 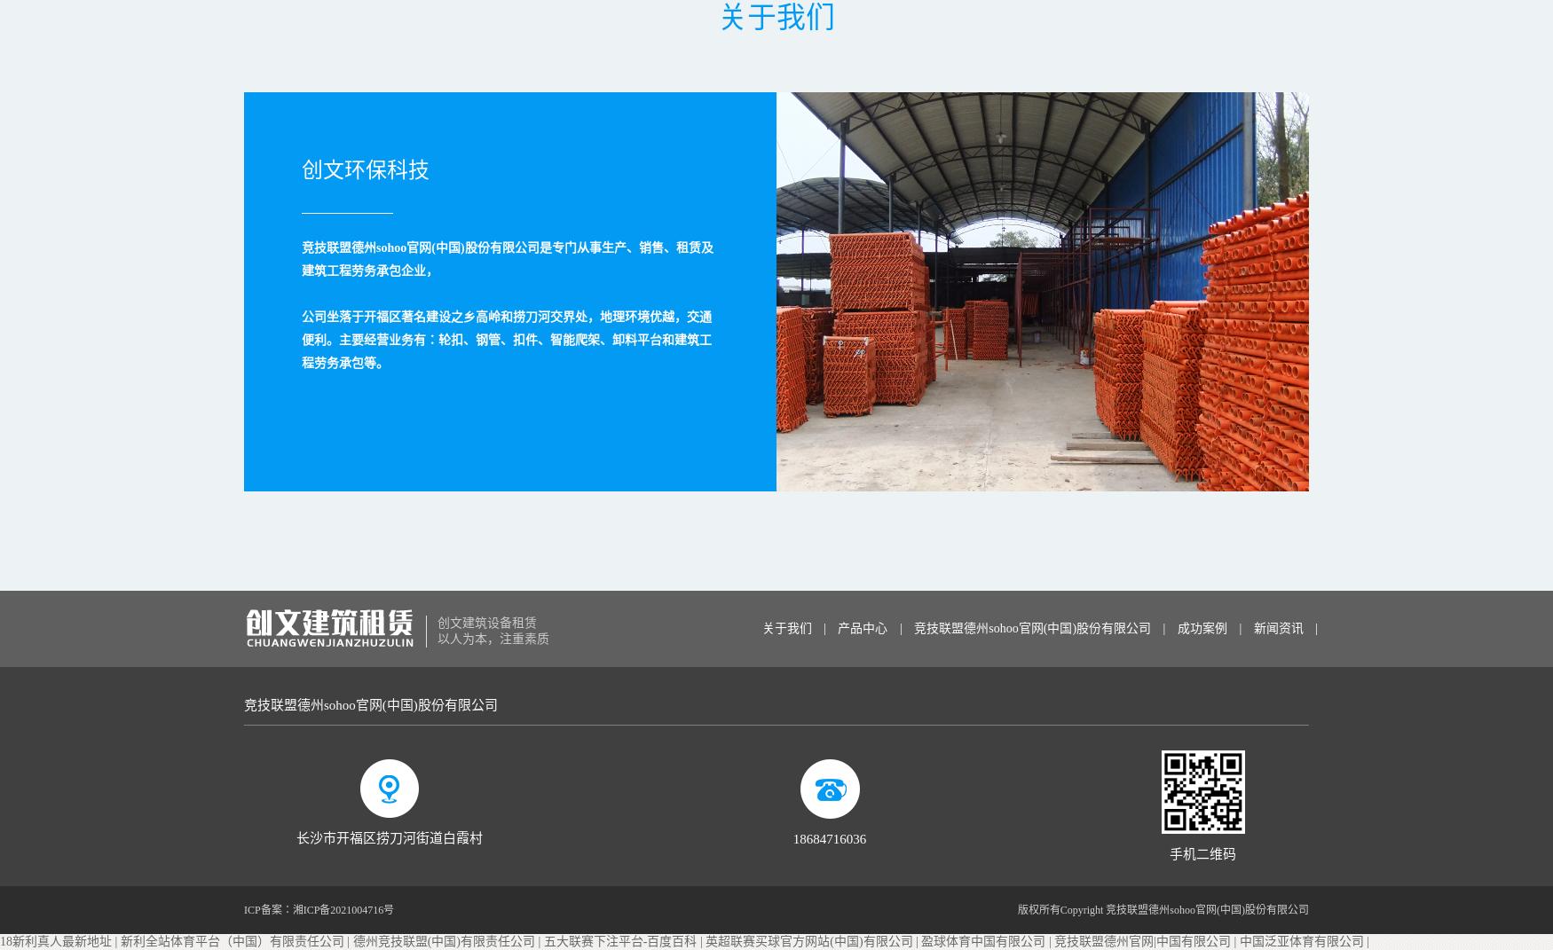 What do you see at coordinates (619, 941) in the screenshot?
I see `'五大联赛下注平台-百度百科'` at bounding box center [619, 941].